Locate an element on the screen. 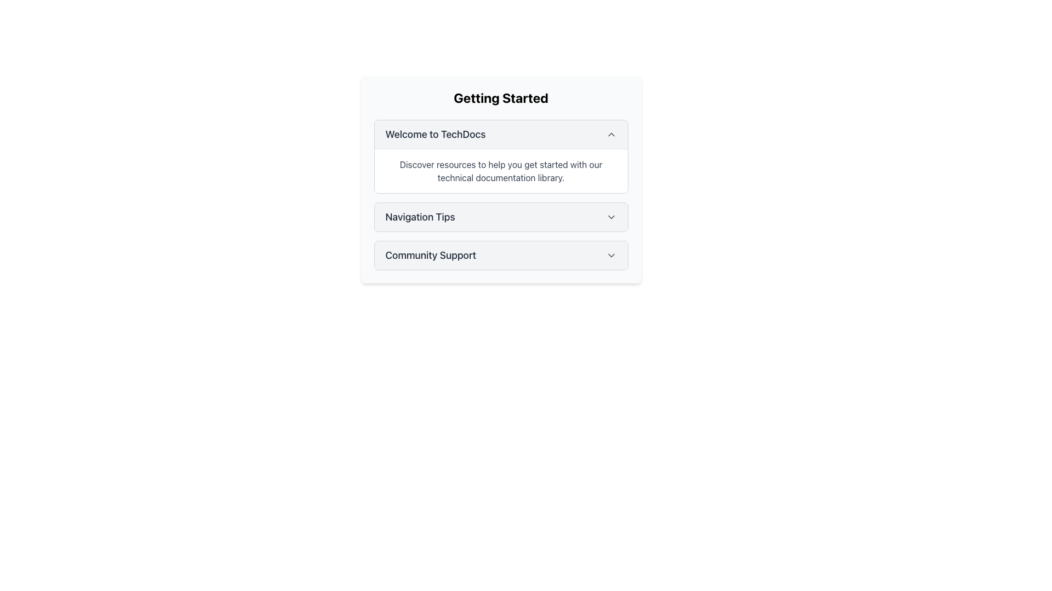  the interactive button to expand or collapse the 'Community Support' section in the 'Getting Started' area, allowing users is located at coordinates (500, 255).